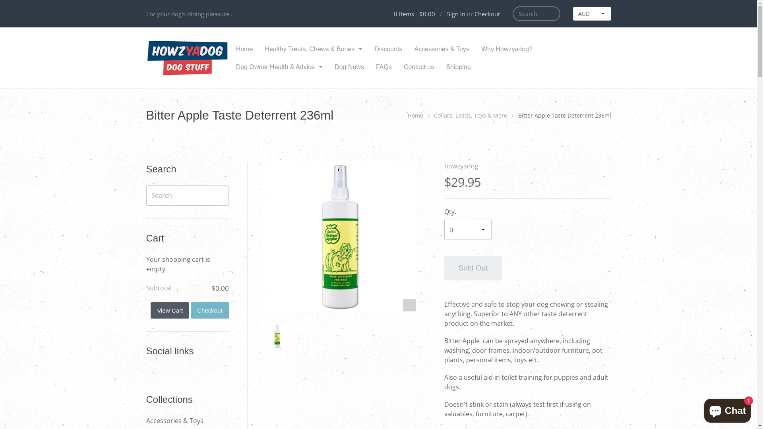 Image resolution: width=763 pixels, height=429 pixels. I want to click on 'Checkout', so click(209, 310).